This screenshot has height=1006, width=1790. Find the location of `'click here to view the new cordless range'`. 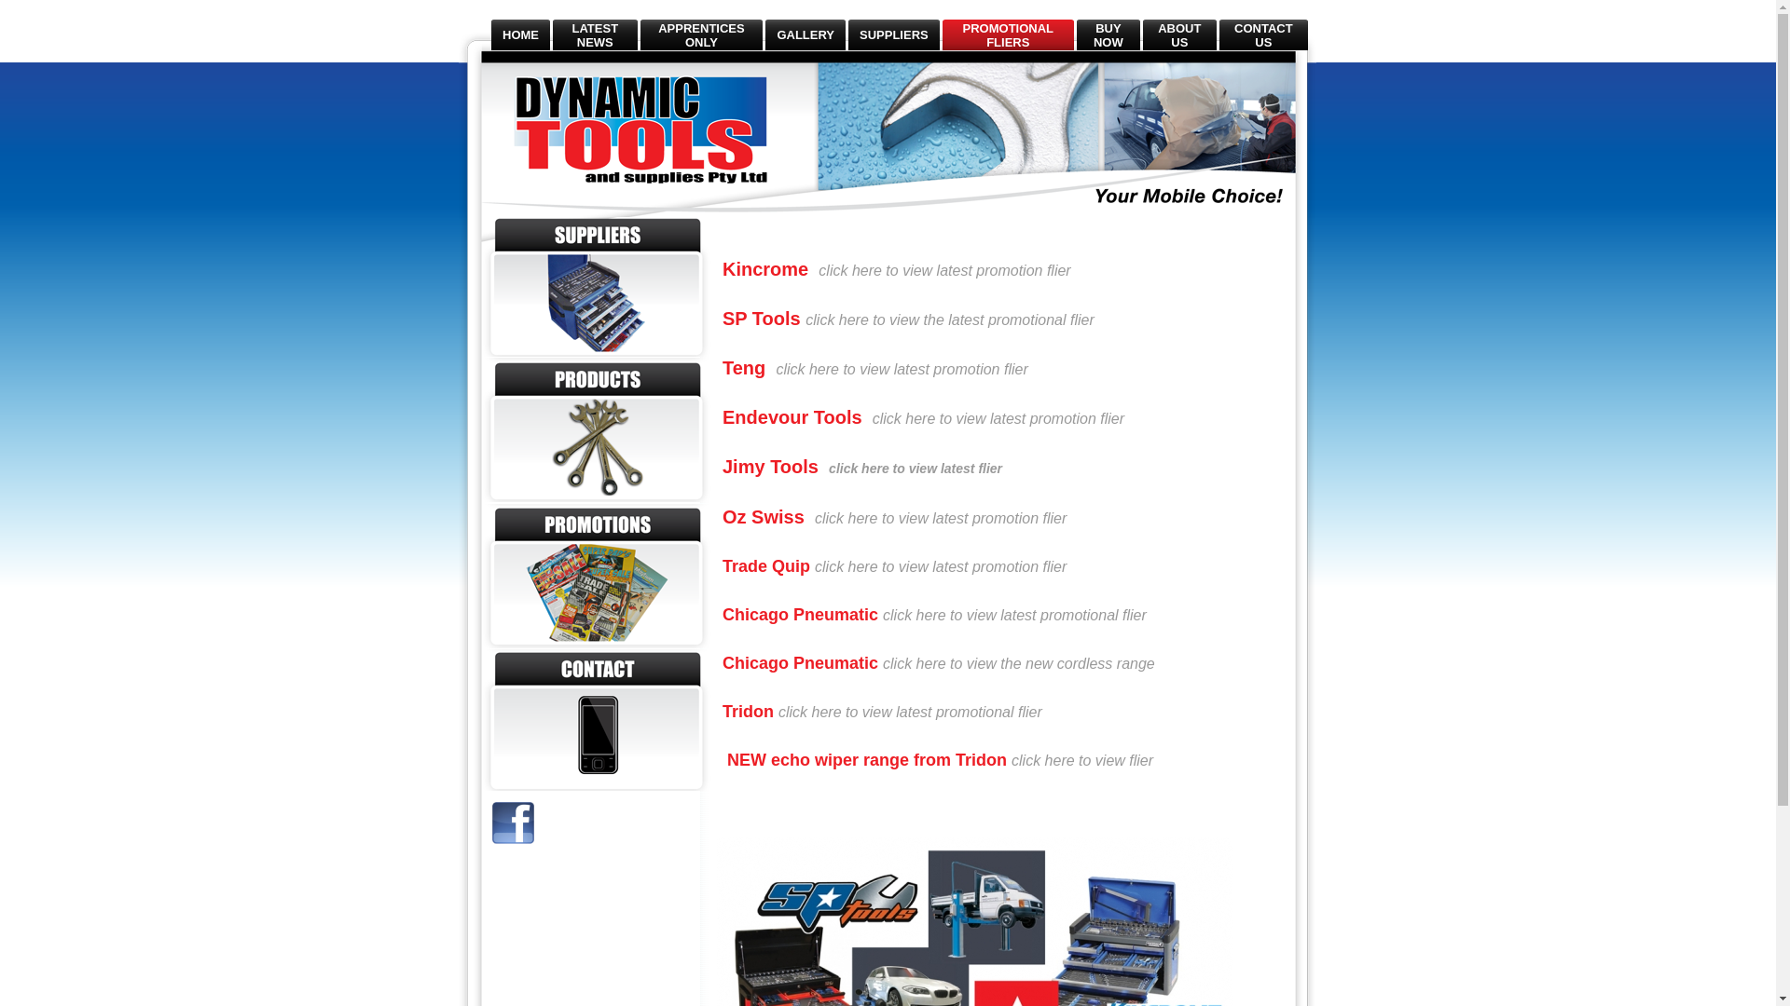

'click here to view the new cordless range' is located at coordinates (1018, 663).